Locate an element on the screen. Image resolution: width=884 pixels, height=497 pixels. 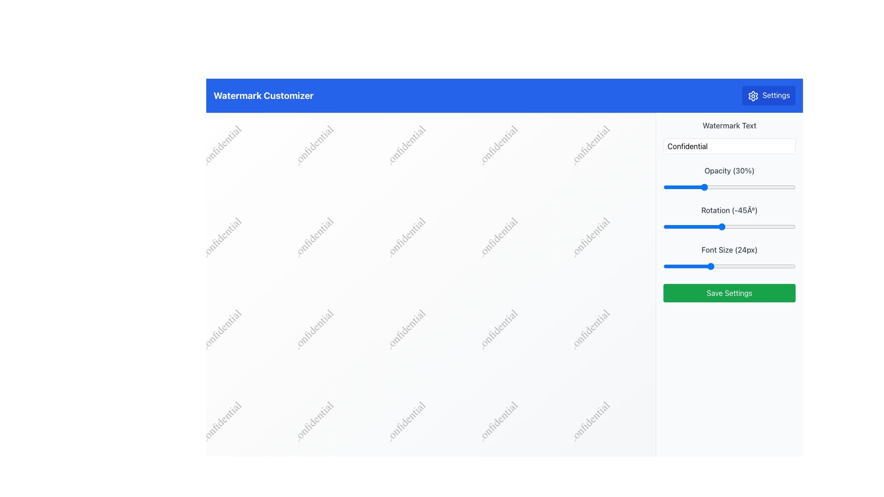
the gear icon inside the blue 'Settings' button located in the top-right corner of the header is located at coordinates (753, 96).